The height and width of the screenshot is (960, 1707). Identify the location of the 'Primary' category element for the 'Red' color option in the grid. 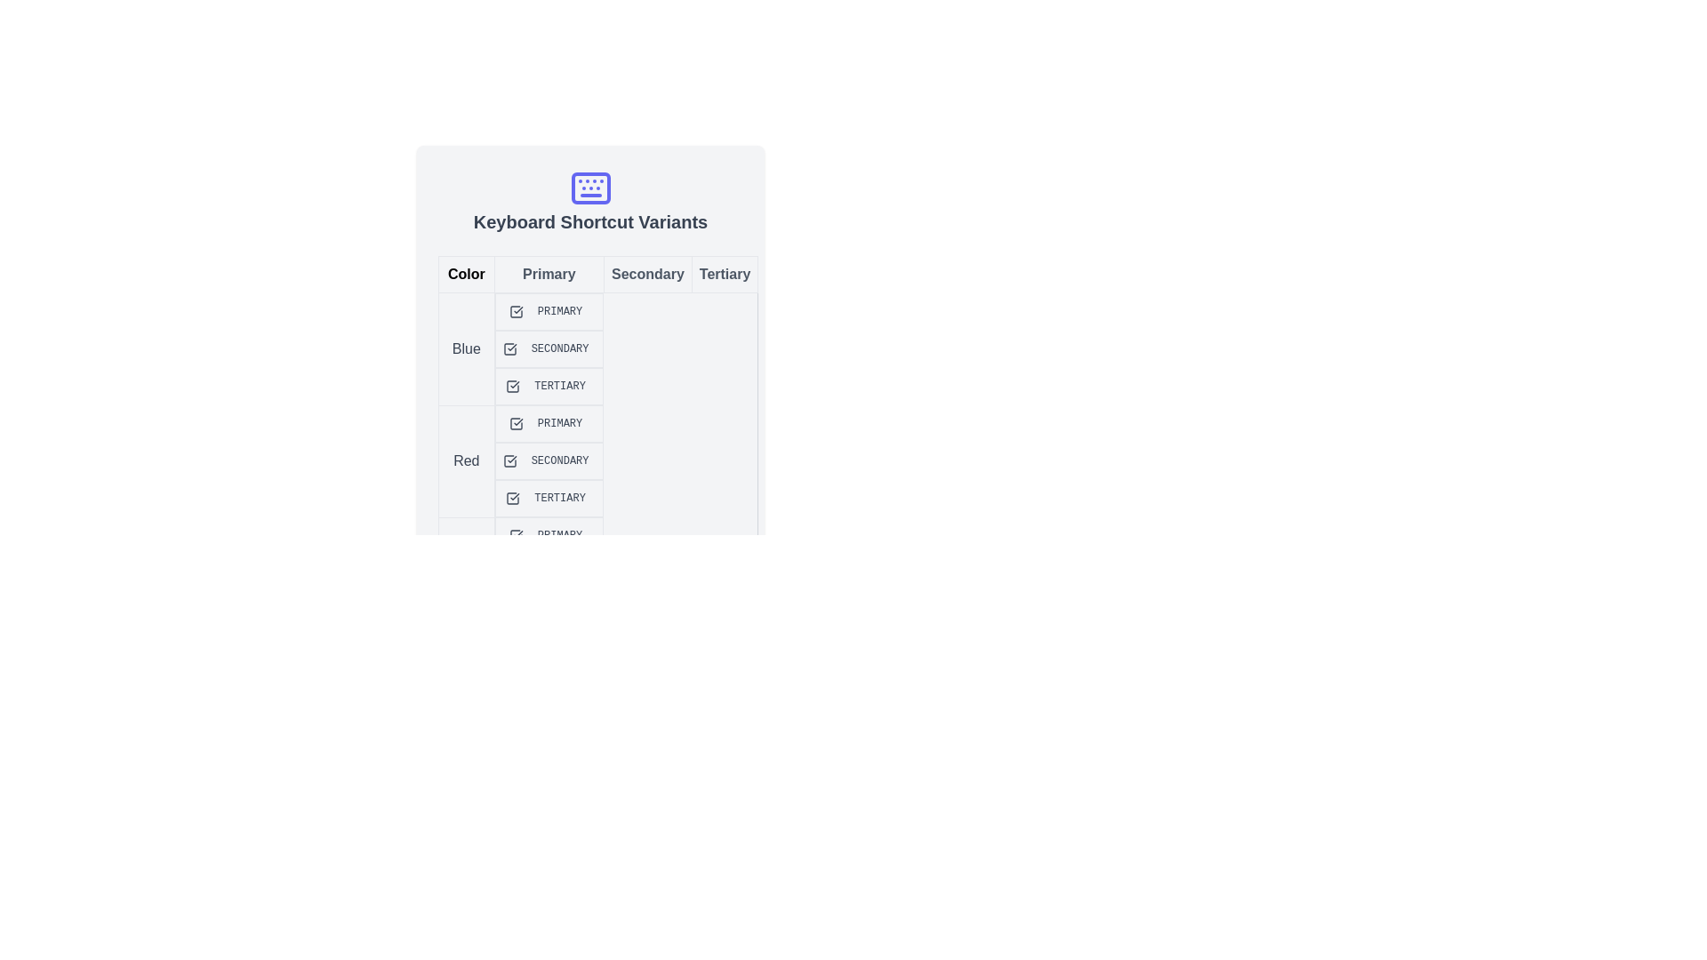
(549, 424).